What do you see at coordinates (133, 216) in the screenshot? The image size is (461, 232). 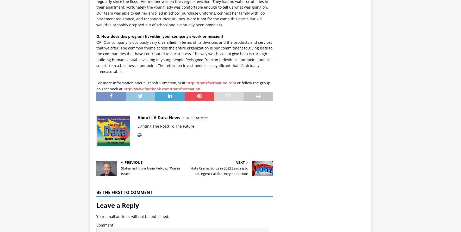 I see `'Your email address will not be published.'` at bounding box center [133, 216].